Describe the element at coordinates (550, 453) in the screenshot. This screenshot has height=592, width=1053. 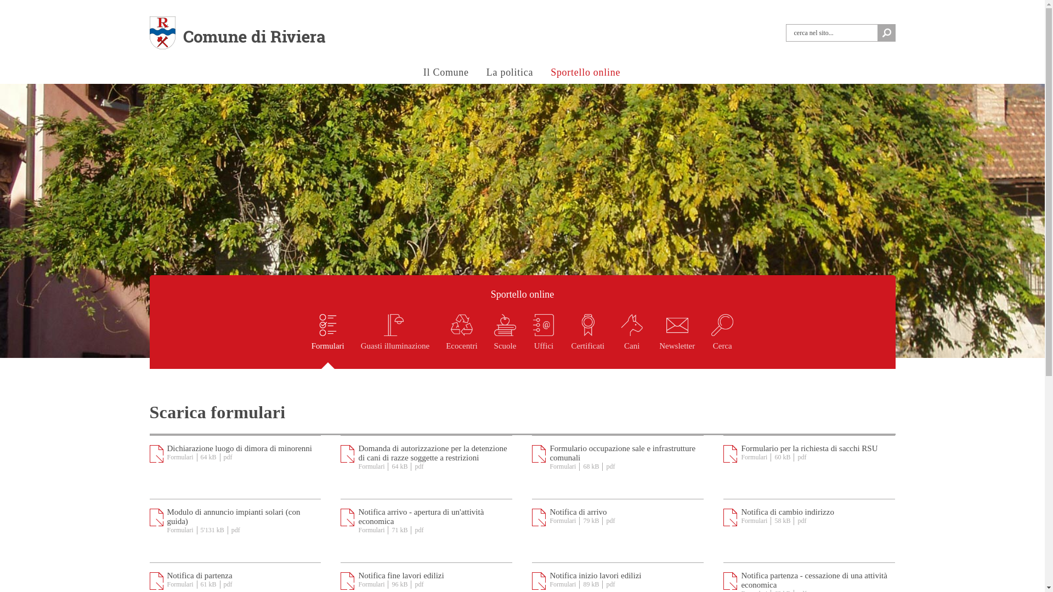
I see `'Formulario occupazione sale e infrastrutture comunali'` at that location.